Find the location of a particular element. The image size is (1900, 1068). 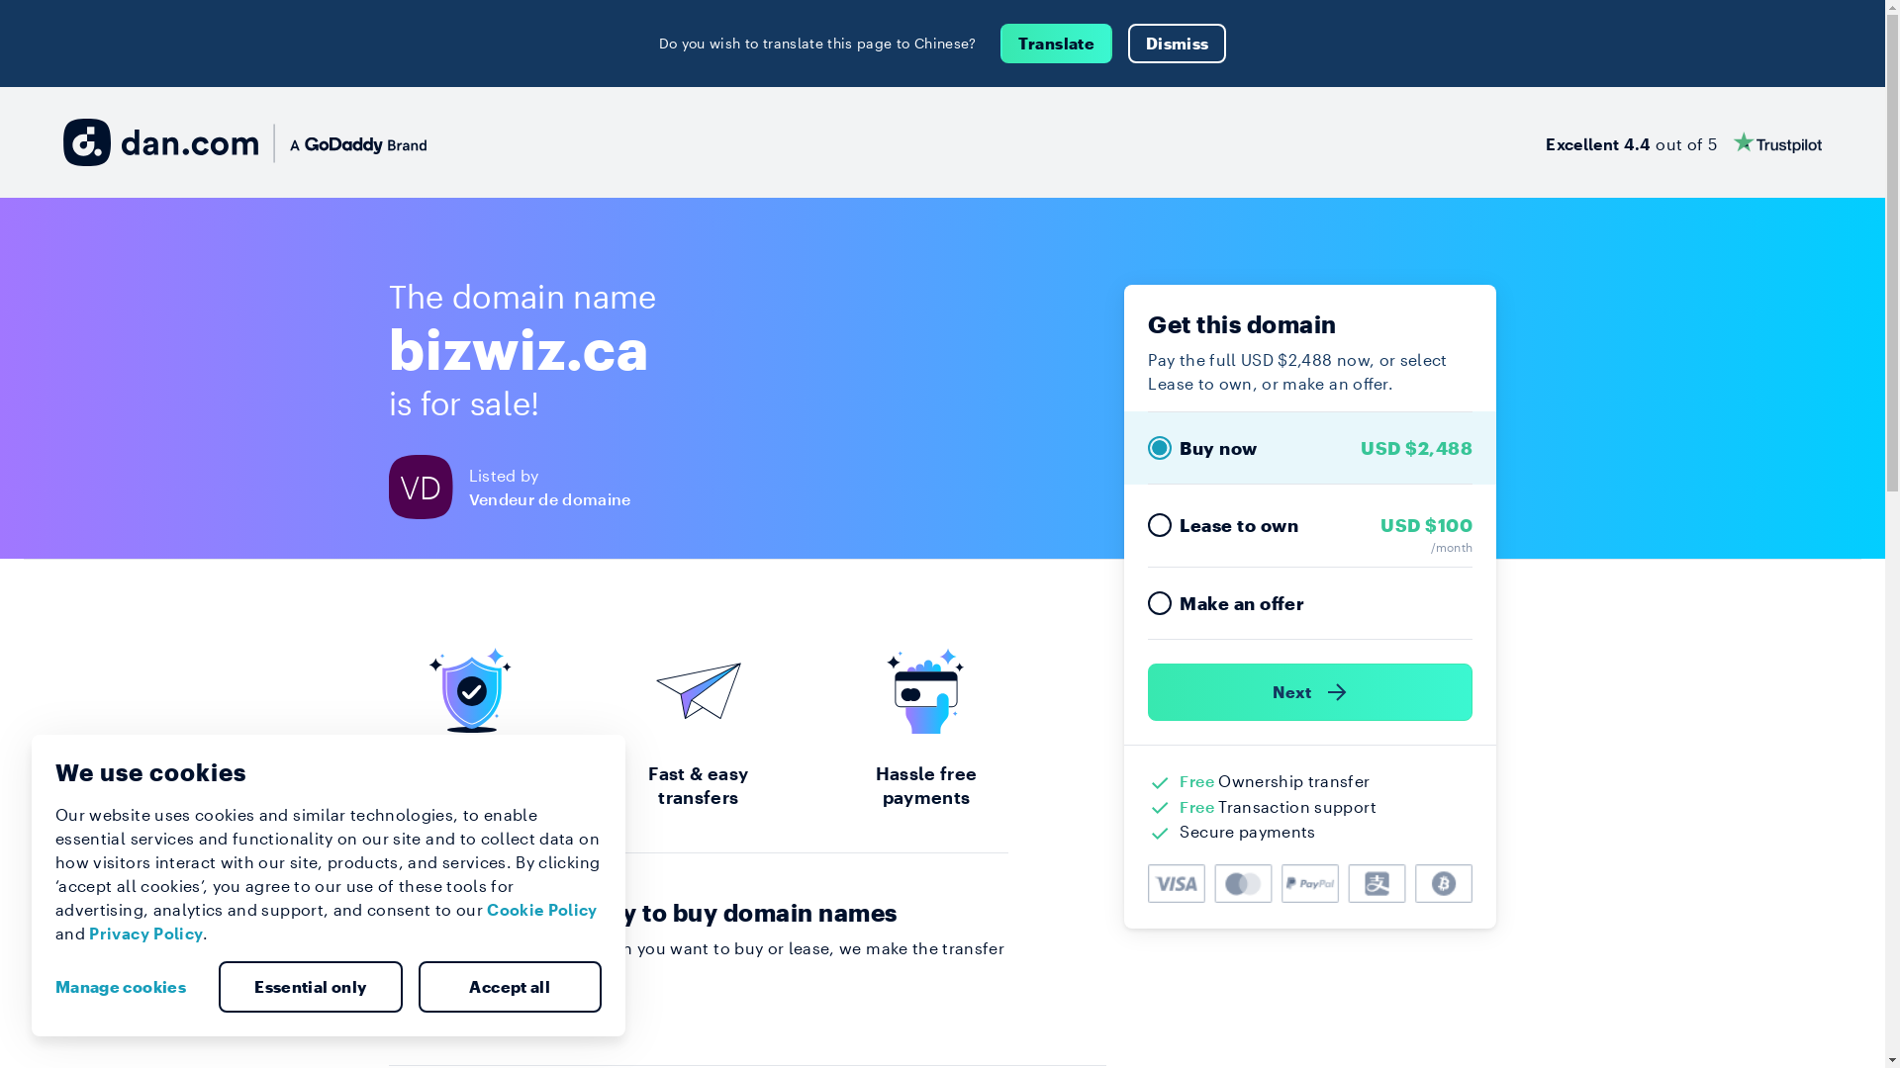

'Next is located at coordinates (1310, 690).